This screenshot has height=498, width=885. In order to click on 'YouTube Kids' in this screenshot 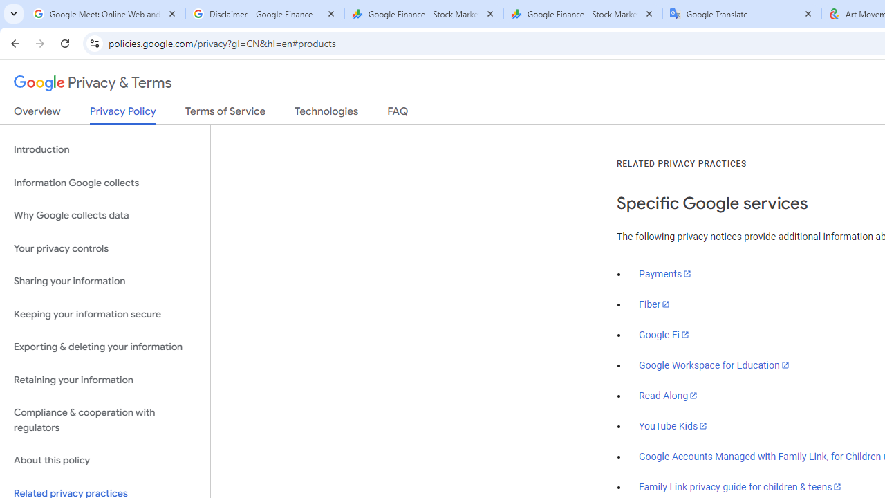, I will do `click(673, 425)`.